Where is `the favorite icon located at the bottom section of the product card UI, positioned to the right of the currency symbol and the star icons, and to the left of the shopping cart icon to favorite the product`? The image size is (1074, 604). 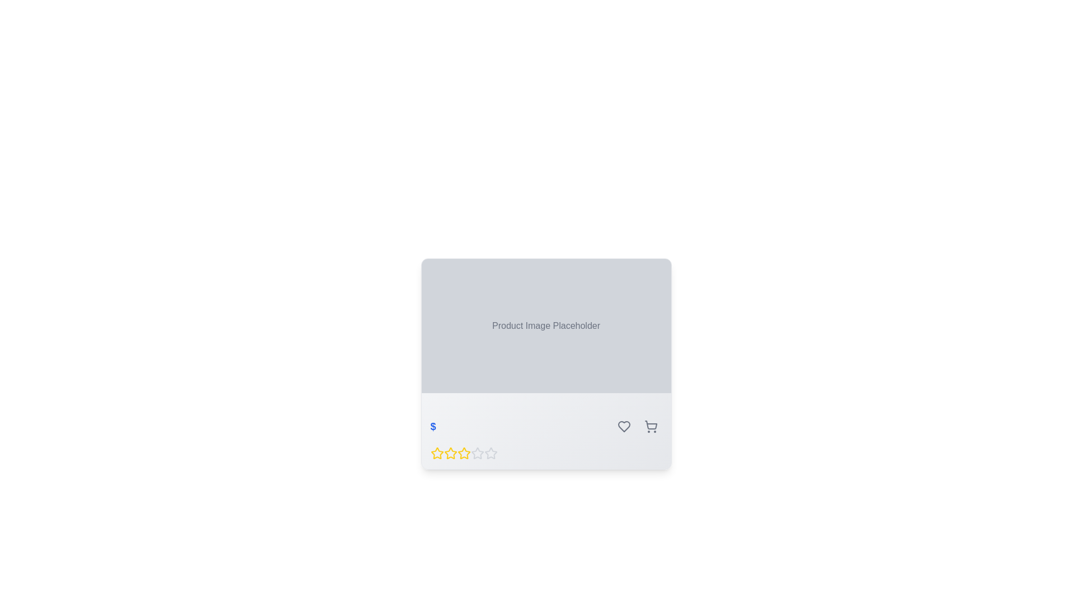
the favorite icon located at the bottom section of the product card UI, positioned to the right of the currency symbol and the star icons, and to the left of the shopping cart icon to favorite the product is located at coordinates (623, 427).